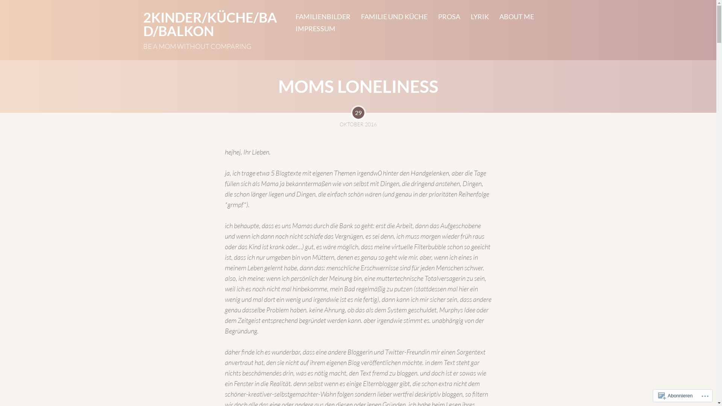 This screenshot has width=722, height=406. Describe the element at coordinates (474, 16) in the screenshot. I see `'LYRIK'` at that location.